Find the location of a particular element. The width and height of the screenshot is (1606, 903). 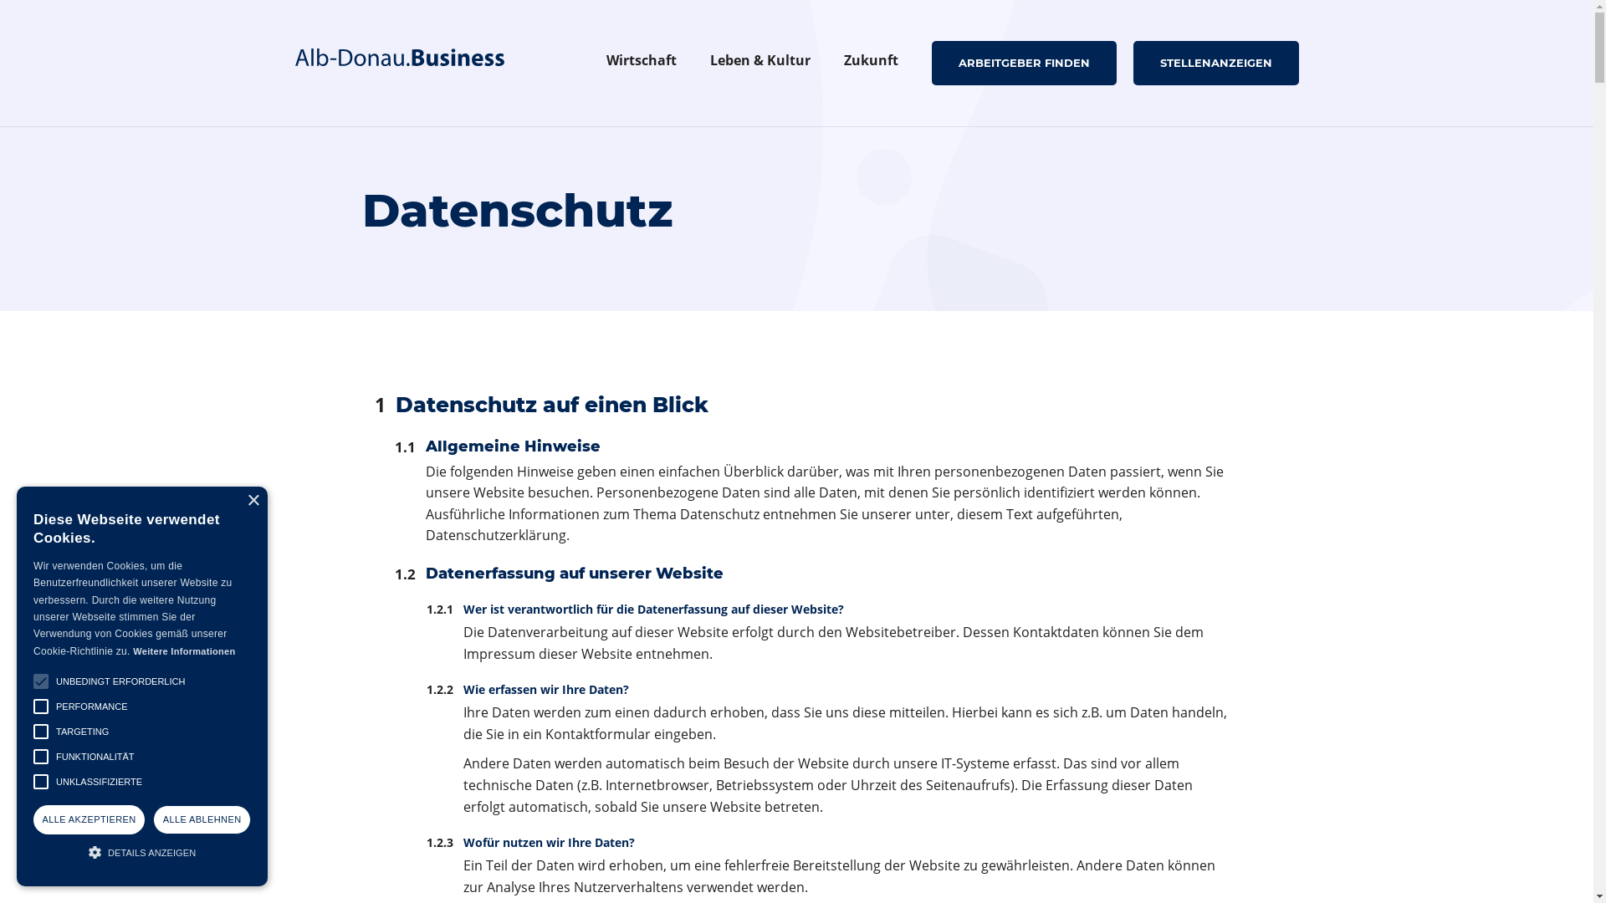

'Weitere Informationen' is located at coordinates (184, 650).